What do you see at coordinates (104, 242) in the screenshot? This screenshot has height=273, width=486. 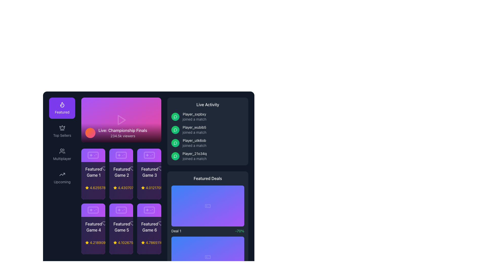 I see `the Rating display component, which features a gold star icon and the rating text '4.21890975809909' in yellow, small font size, located beneath the 'Featured Game 4' card` at bounding box center [104, 242].